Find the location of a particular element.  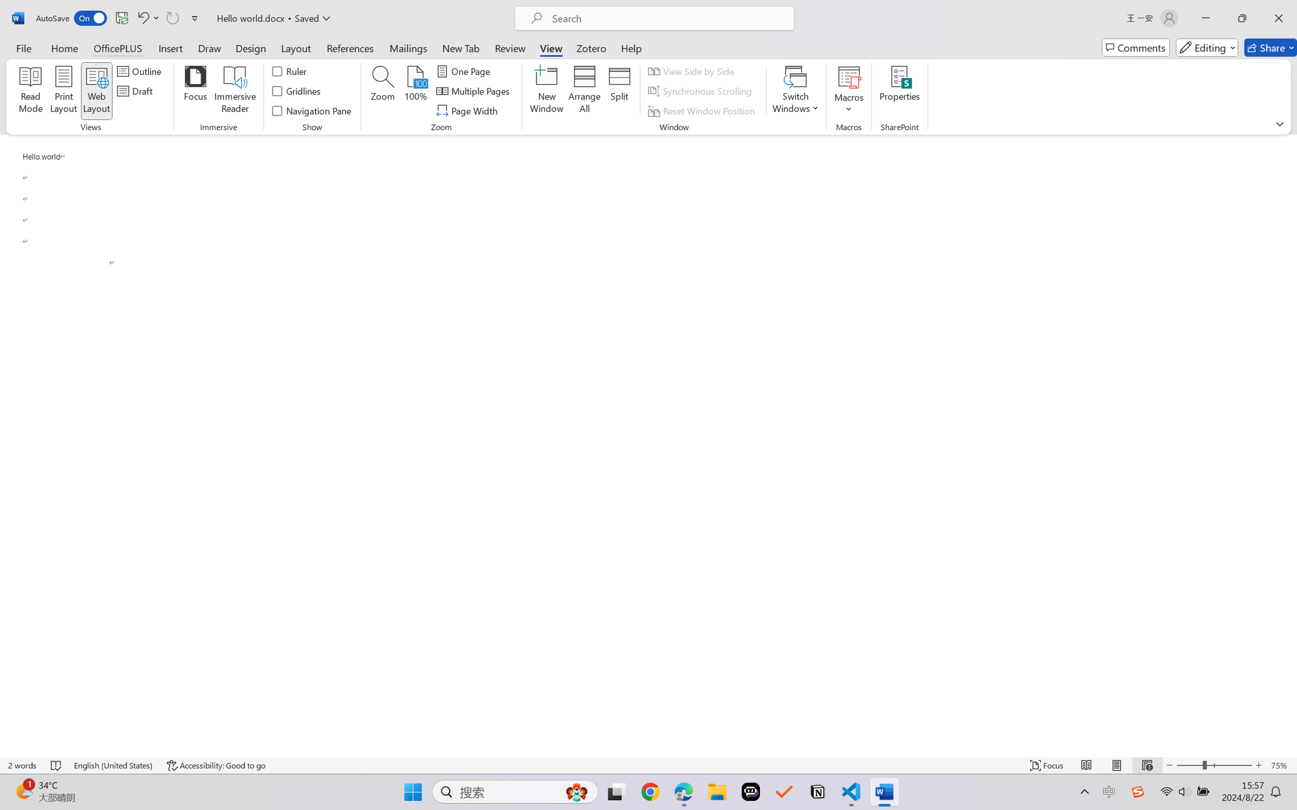

'One Page' is located at coordinates (464, 70).